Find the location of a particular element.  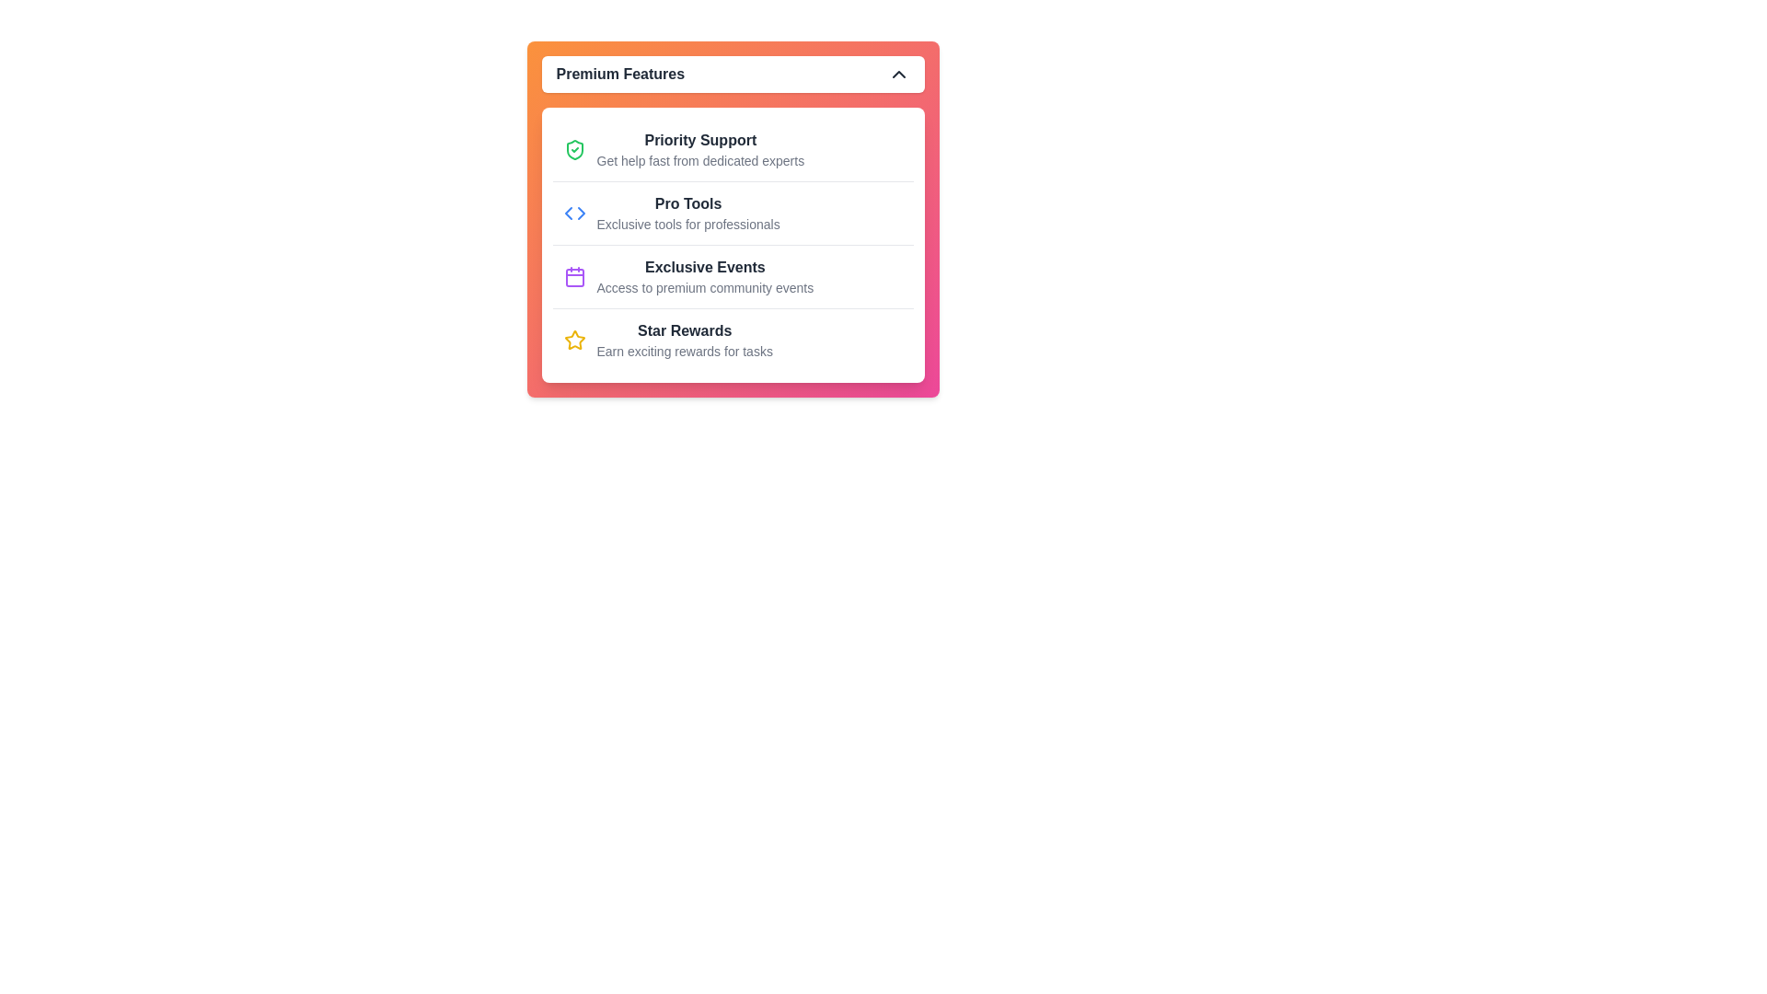

the green shield-like icon with a checkmark inside, located to the left of the text 'Priority Support' is located at coordinates (573, 148).